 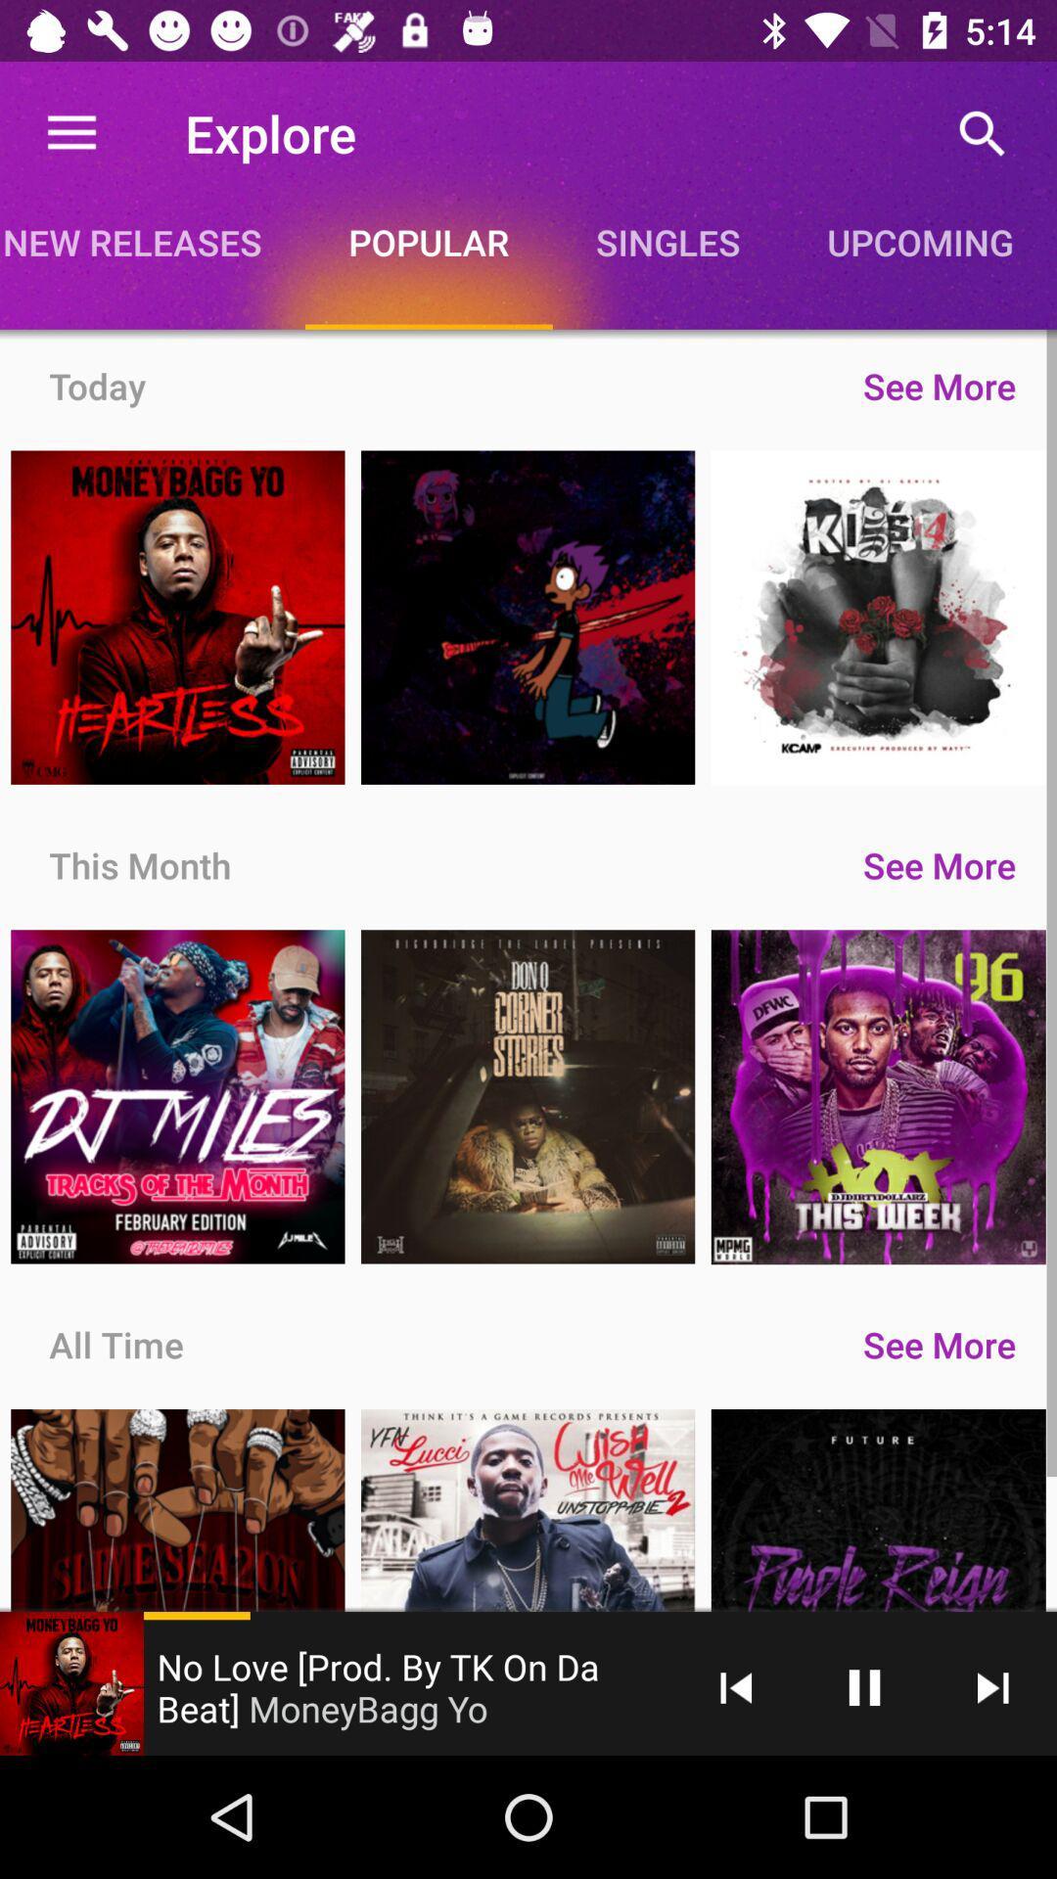 What do you see at coordinates (428, 241) in the screenshot?
I see `icon next to new releases` at bounding box center [428, 241].